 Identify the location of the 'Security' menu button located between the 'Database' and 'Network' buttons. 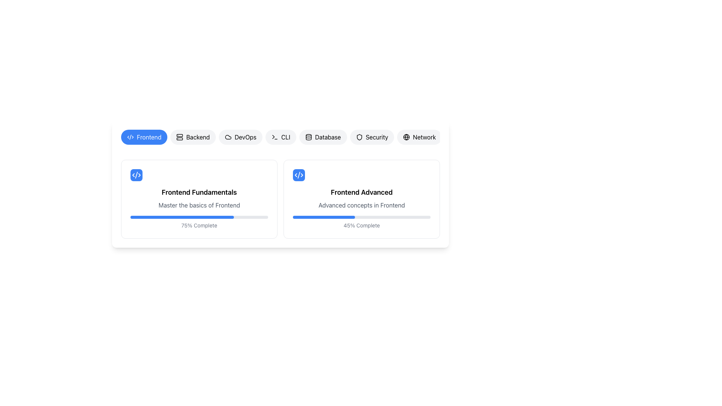
(372, 137).